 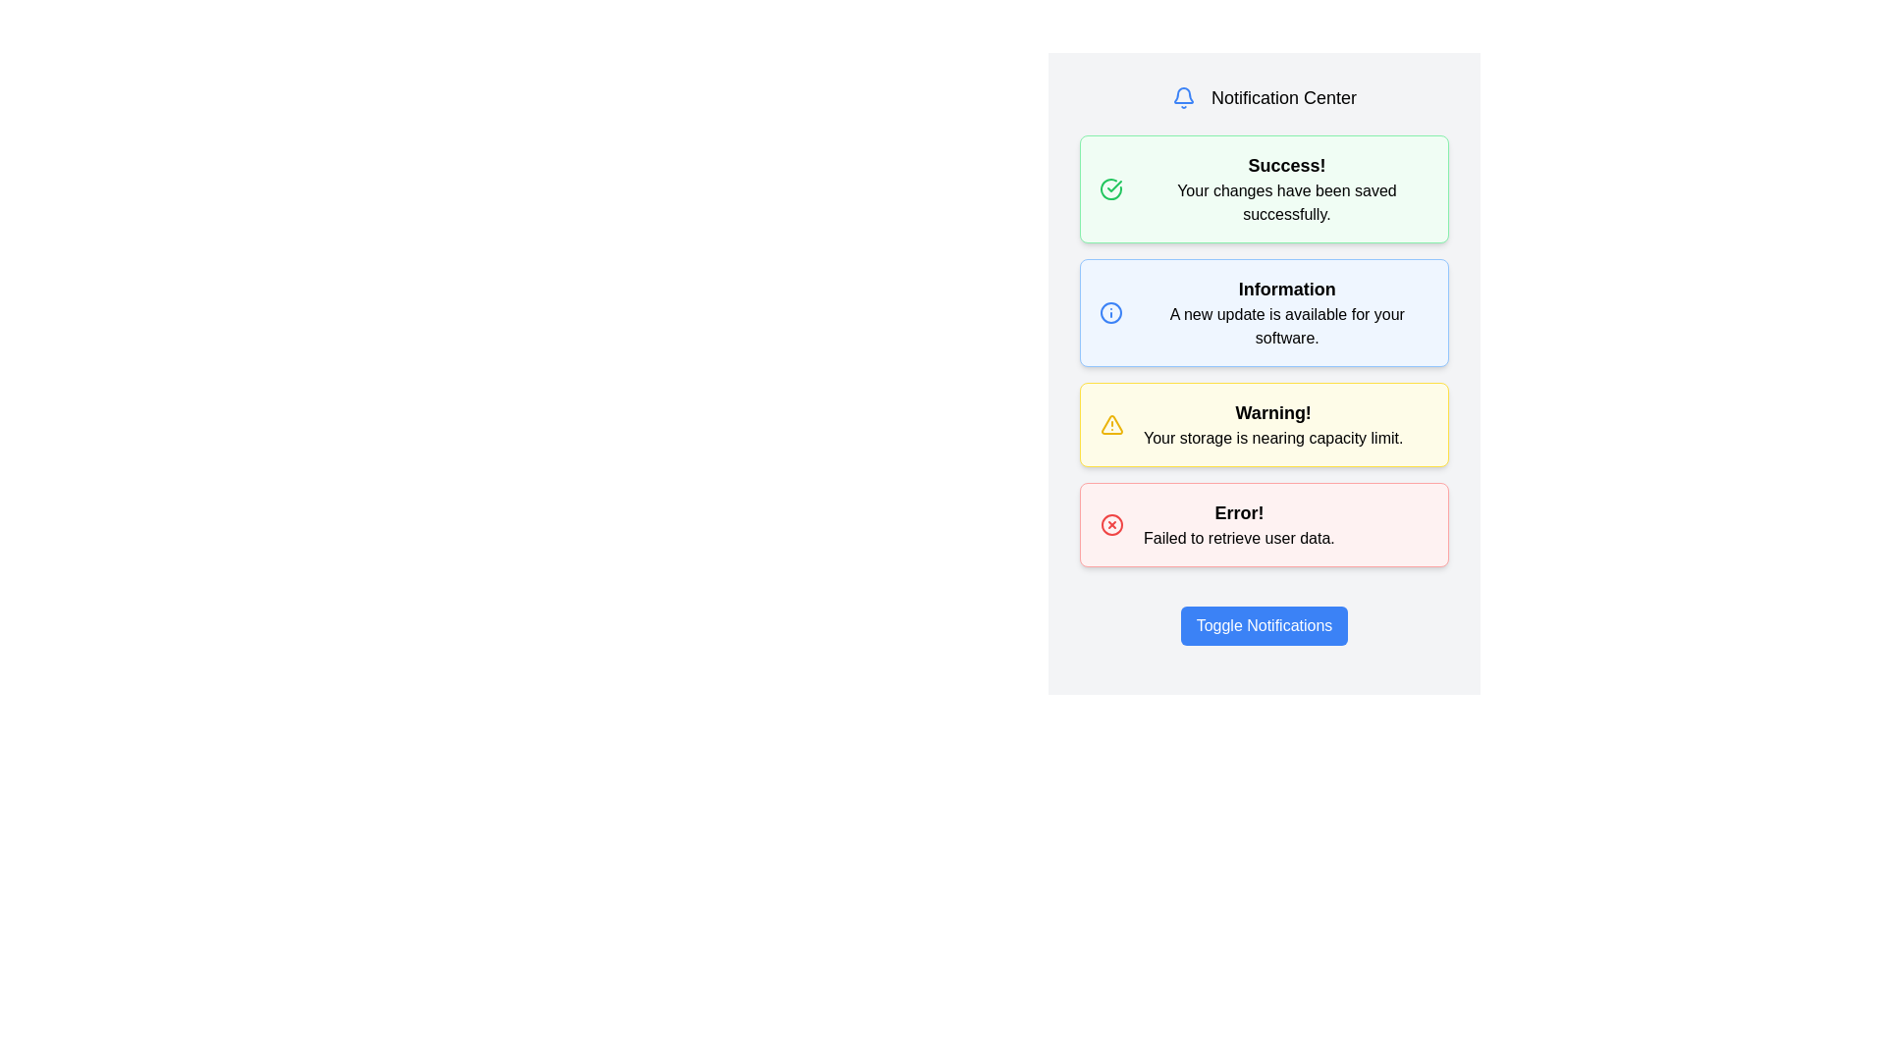 What do you see at coordinates (1111, 524) in the screenshot?
I see `the red circular icon with a white background and a red 'X' symbol, which is located to the left of the error message 'Error! Failed to retrieve user data.' in the fourth red notification box` at bounding box center [1111, 524].